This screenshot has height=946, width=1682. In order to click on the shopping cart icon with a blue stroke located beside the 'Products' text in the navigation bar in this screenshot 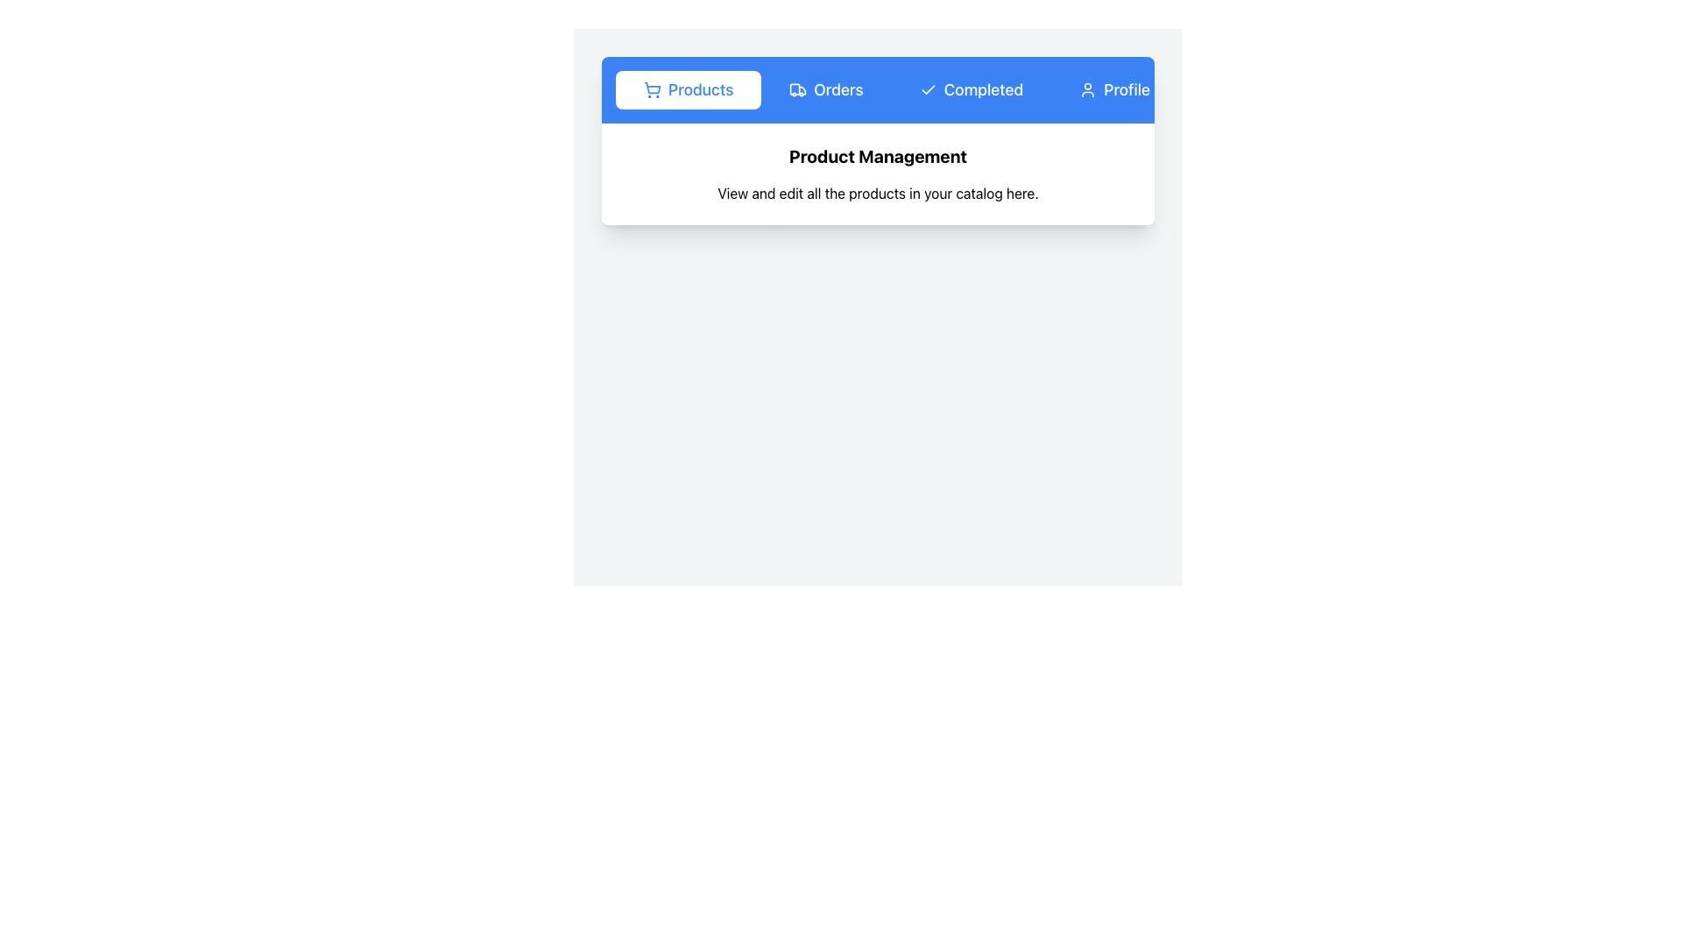, I will do `click(651, 90)`.